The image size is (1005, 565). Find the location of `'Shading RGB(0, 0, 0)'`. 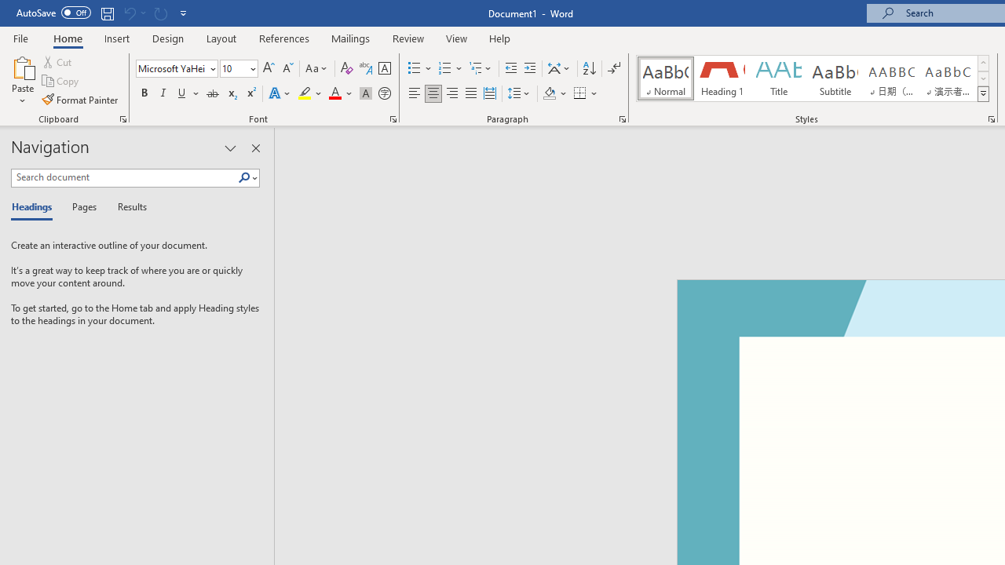

'Shading RGB(0, 0, 0)' is located at coordinates (549, 93).